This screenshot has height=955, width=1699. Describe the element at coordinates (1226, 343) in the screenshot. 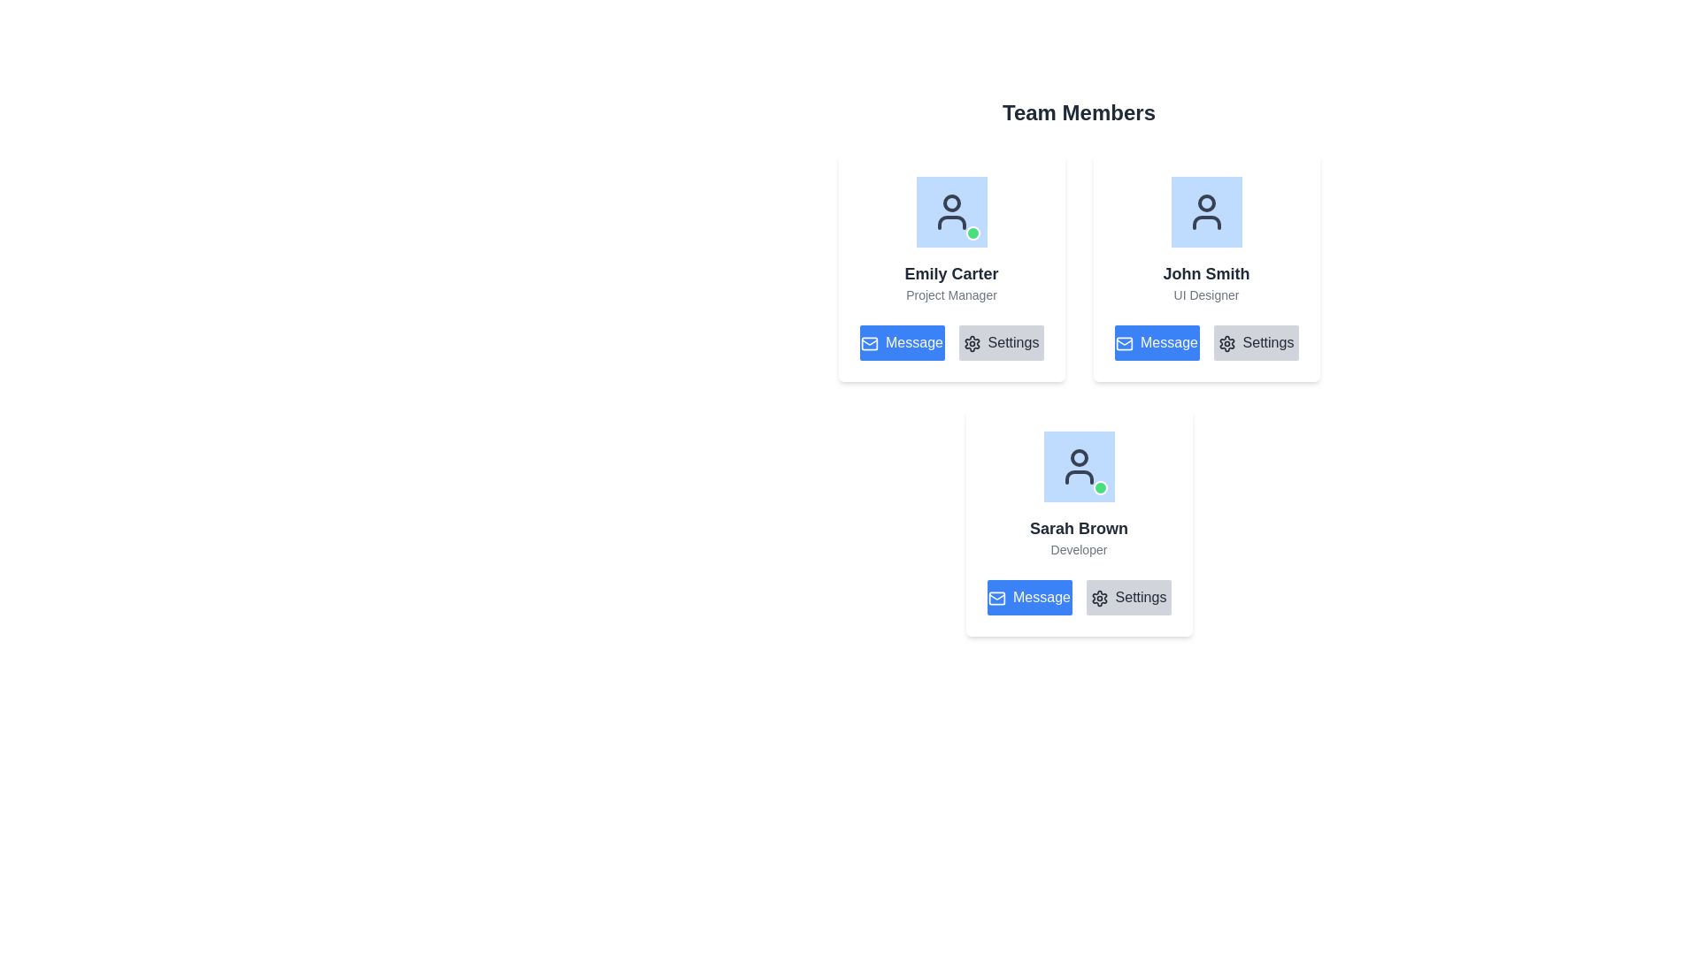

I see `the gear icon located at the top-left of the Settings button in John Smith's user card, which is the middle card in the layout` at that location.